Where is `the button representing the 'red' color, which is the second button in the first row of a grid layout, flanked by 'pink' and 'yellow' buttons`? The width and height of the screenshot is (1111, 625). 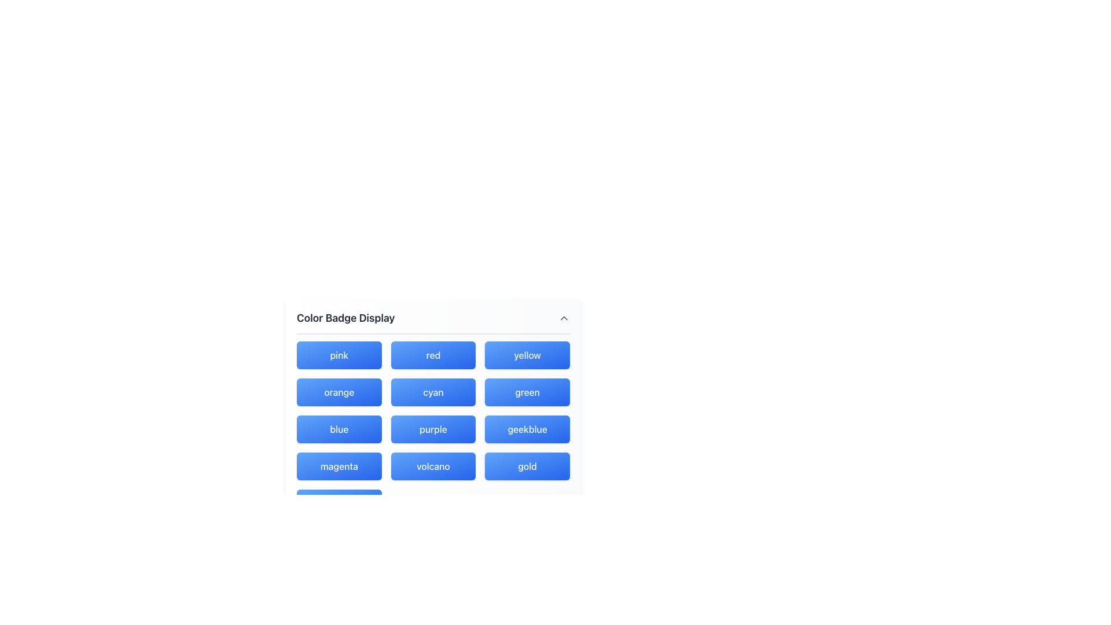
the button representing the 'red' color, which is the second button in the first row of a grid layout, flanked by 'pink' and 'yellow' buttons is located at coordinates (432, 354).